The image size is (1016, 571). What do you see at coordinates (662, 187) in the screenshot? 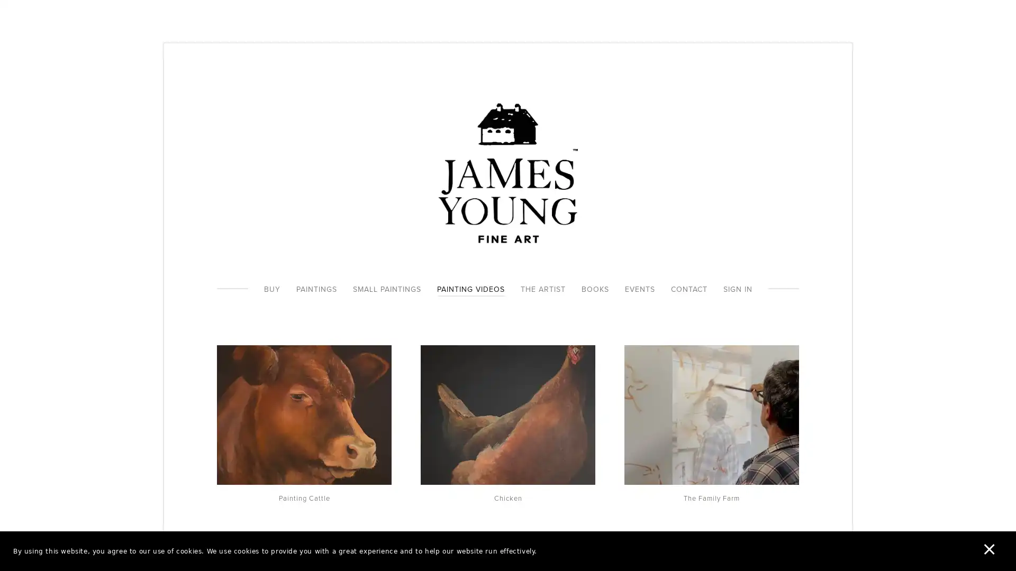
I see `Close` at bounding box center [662, 187].